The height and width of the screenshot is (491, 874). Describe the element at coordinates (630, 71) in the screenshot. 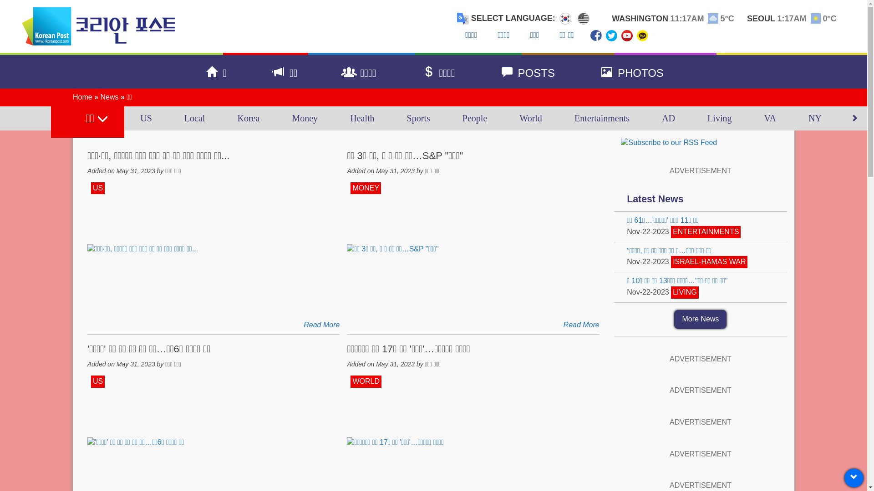

I see `'PHOTOS'` at that location.